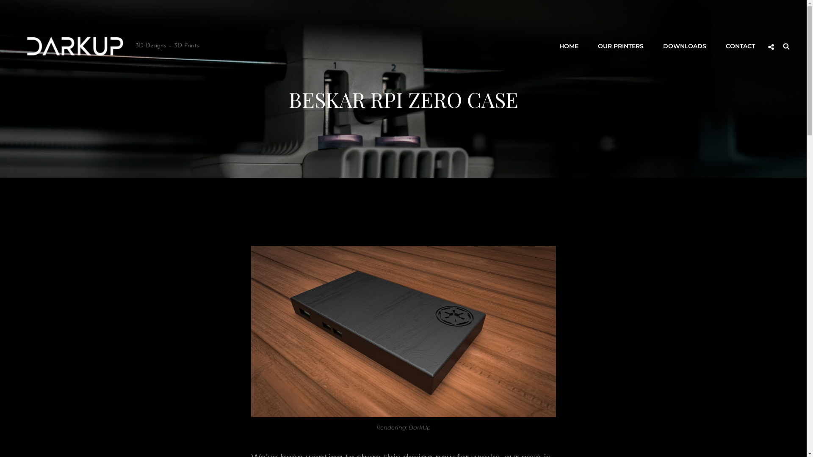 Image resolution: width=813 pixels, height=457 pixels. What do you see at coordinates (550, 46) in the screenshot?
I see `'HOME'` at bounding box center [550, 46].